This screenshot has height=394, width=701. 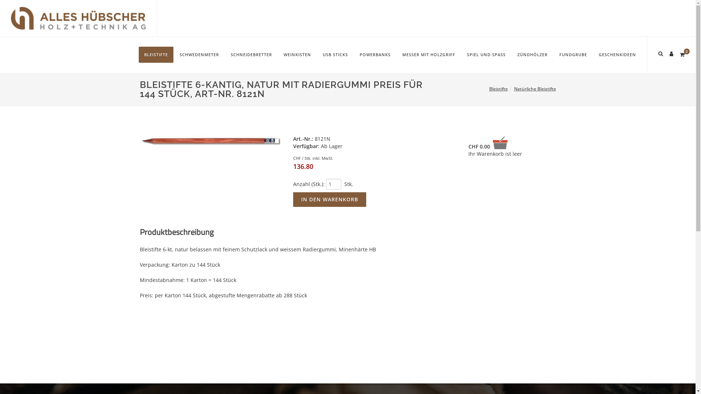 I want to click on 'Bleistift 6-kt mit Gummi', so click(x=210, y=141).